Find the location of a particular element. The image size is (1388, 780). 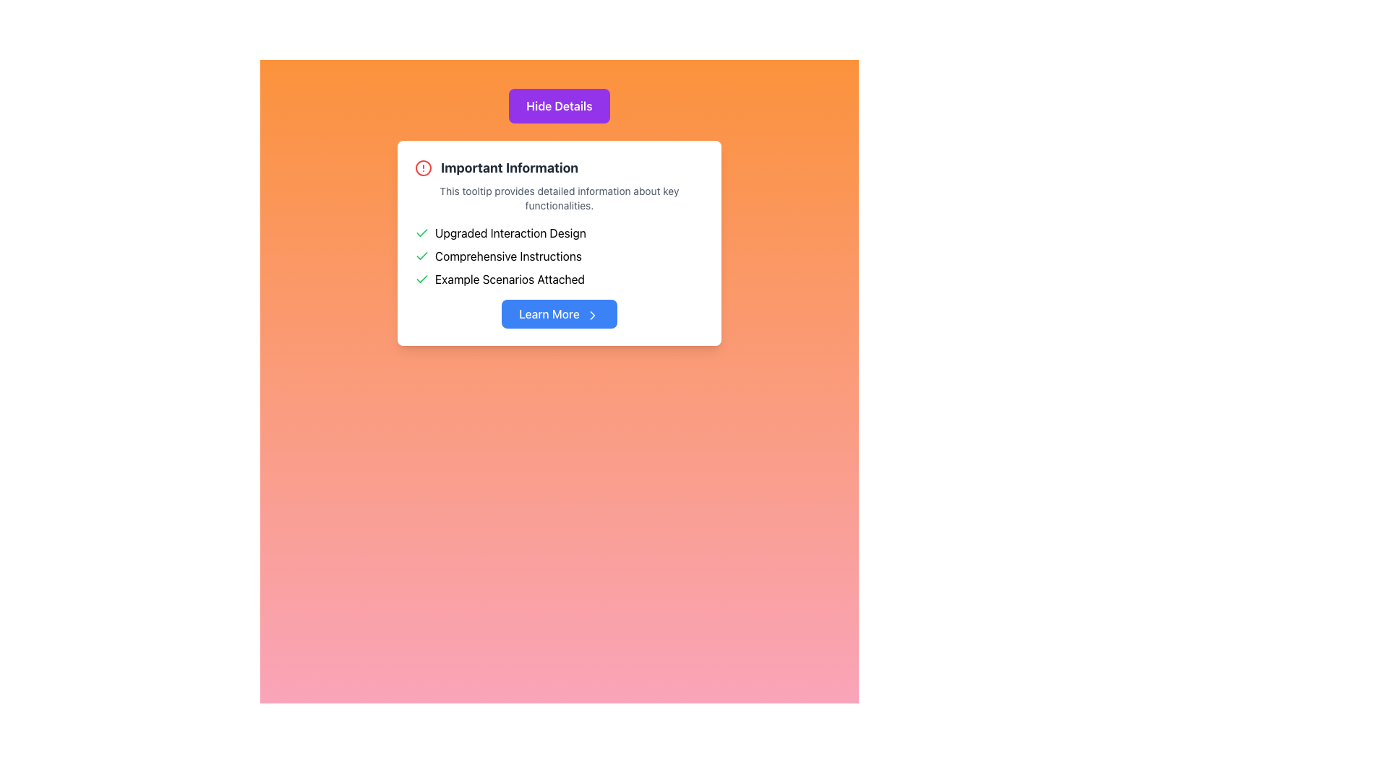

the text label with an icon that indicates example scenarios are attached, located under the 'Important Information' section is located at coordinates (558, 279).